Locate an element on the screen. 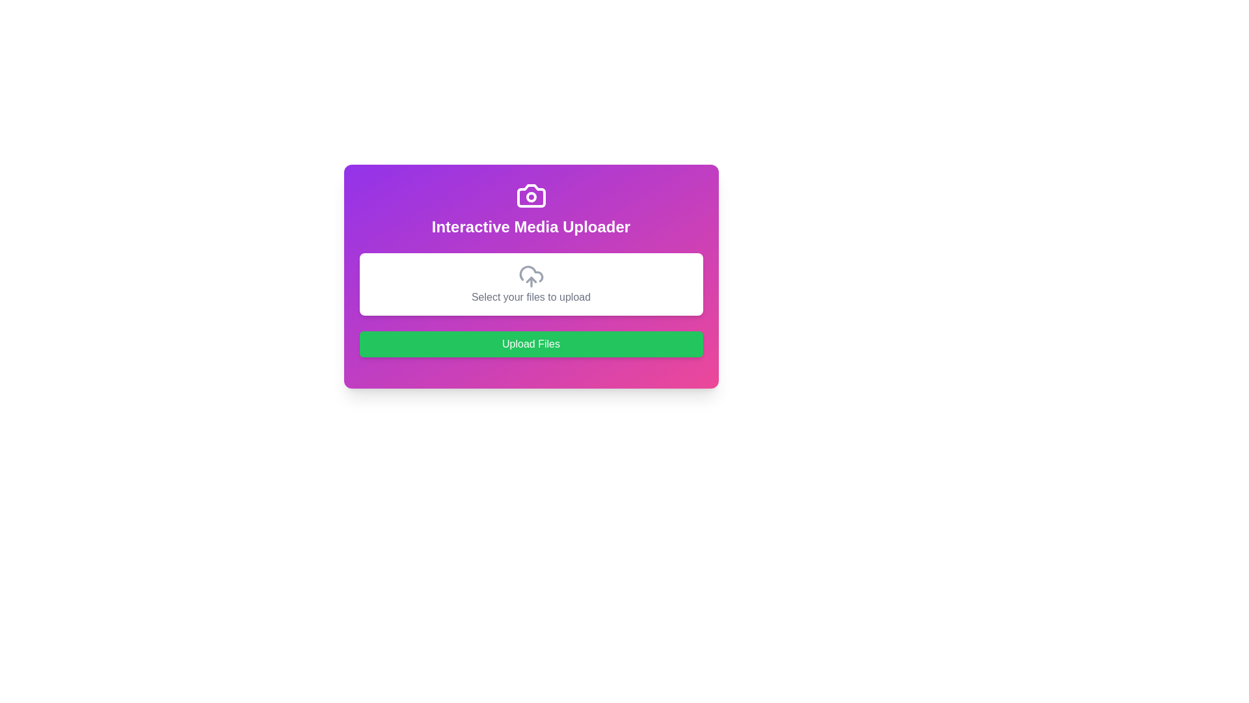 The height and width of the screenshot is (703, 1249). the text element displaying 'Select your files to upload' in gray font, located in the upload section of the interactive media uploader interface is located at coordinates (531, 297).